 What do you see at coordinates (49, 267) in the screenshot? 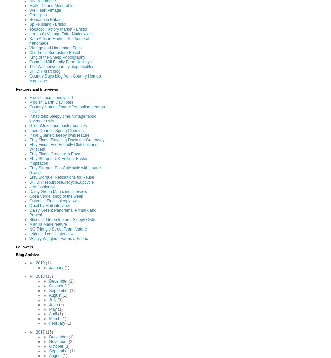
I see `'January'` at bounding box center [49, 267].